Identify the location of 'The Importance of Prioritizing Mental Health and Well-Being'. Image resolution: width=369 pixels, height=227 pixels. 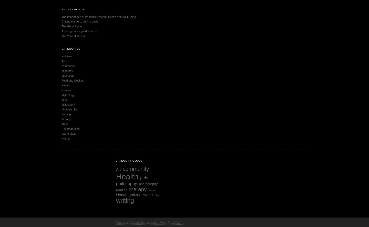
(98, 16).